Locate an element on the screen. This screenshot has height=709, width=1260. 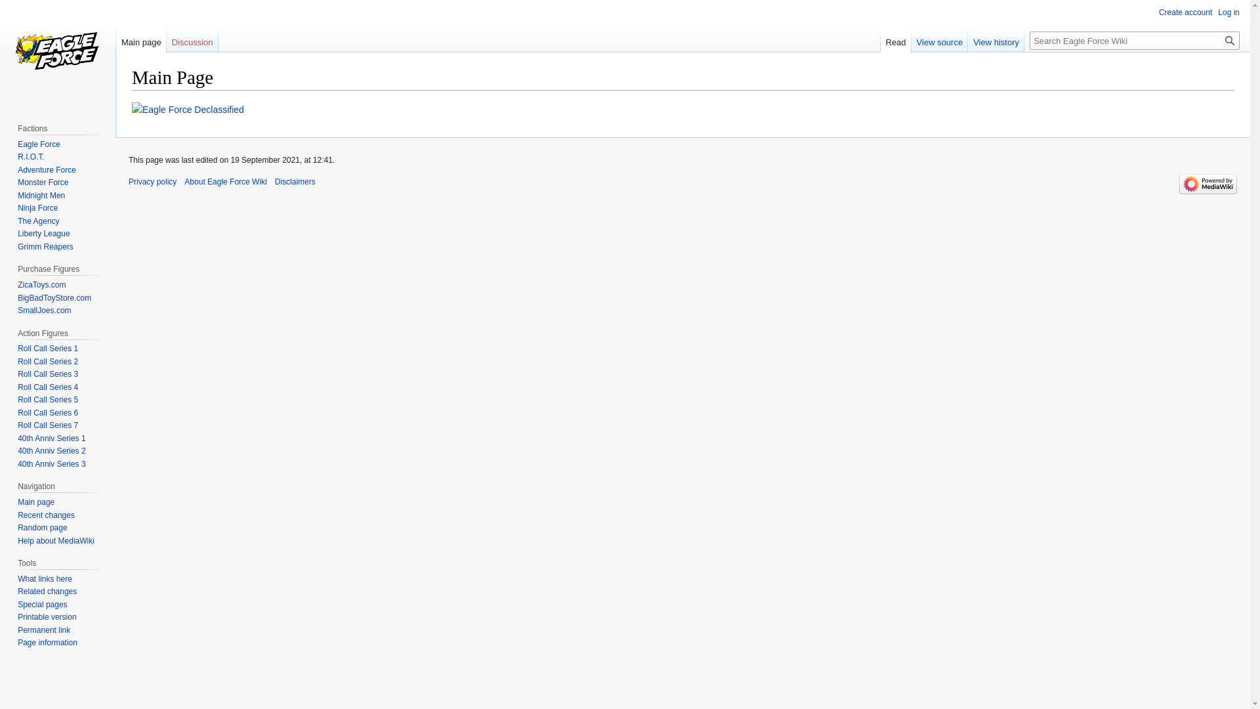
'Create account' is located at coordinates (1159, 12).